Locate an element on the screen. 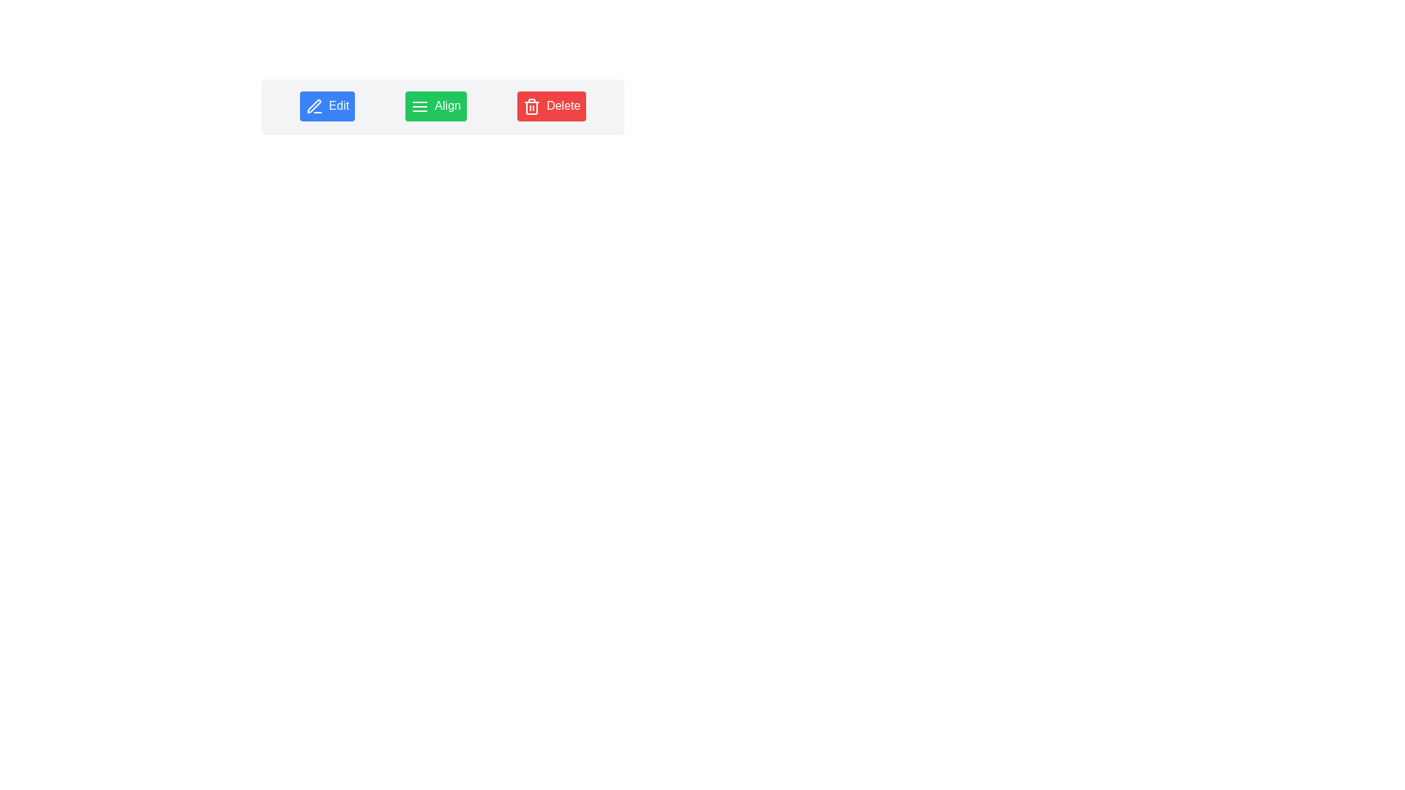  the 'Edit' button located in the top-left section of the interface, which features a pen icon is located at coordinates (313, 105).